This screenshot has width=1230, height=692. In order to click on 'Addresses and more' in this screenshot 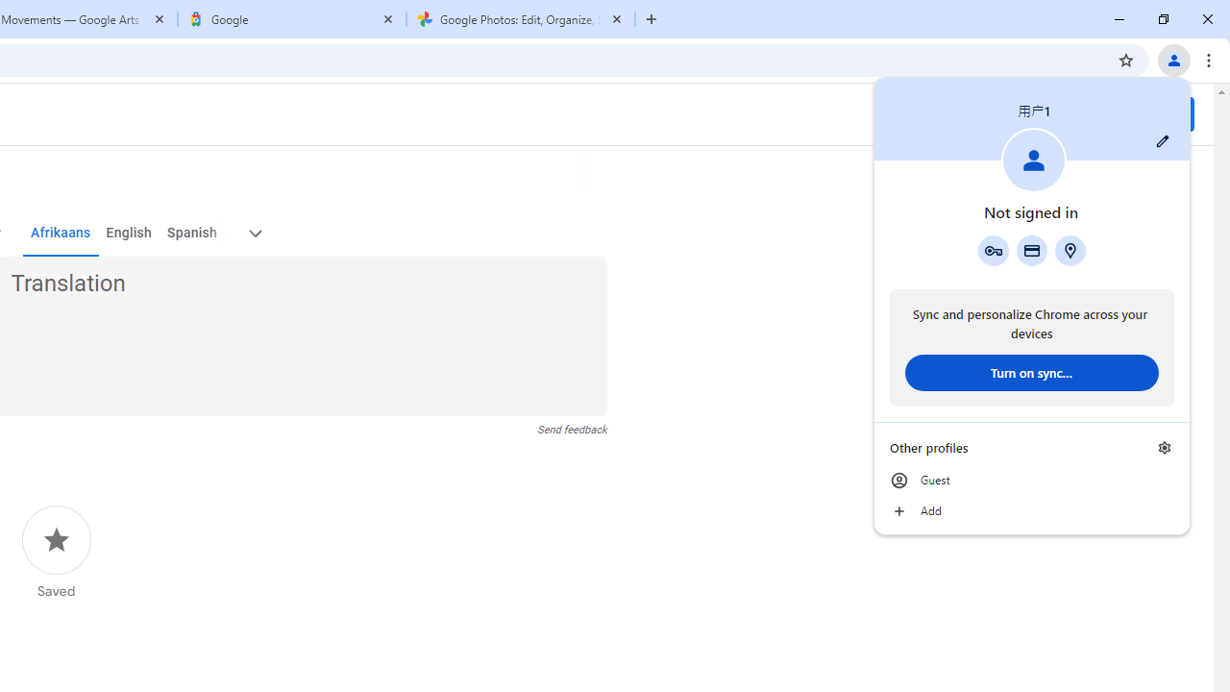, I will do `click(1070, 250)`.